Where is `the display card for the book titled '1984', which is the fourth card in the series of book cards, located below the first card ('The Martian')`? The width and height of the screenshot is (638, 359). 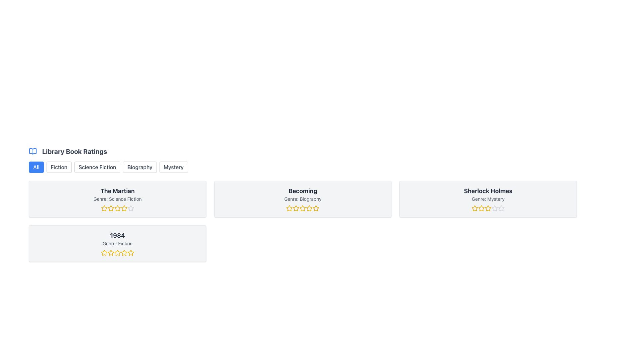
the display card for the book titled '1984', which is the fourth card in the series of book cards, located below the first card ('The Martian') is located at coordinates (117, 243).